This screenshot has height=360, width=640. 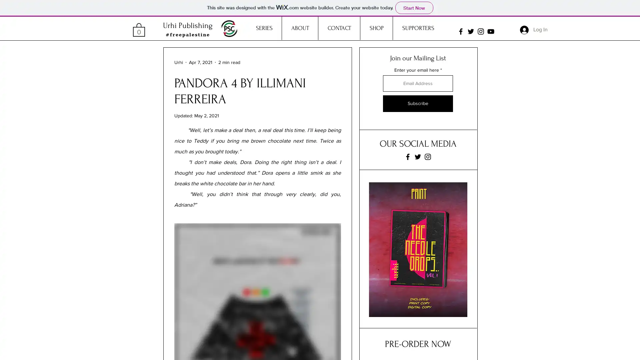 I want to click on Close, so click(x=632, y=349).